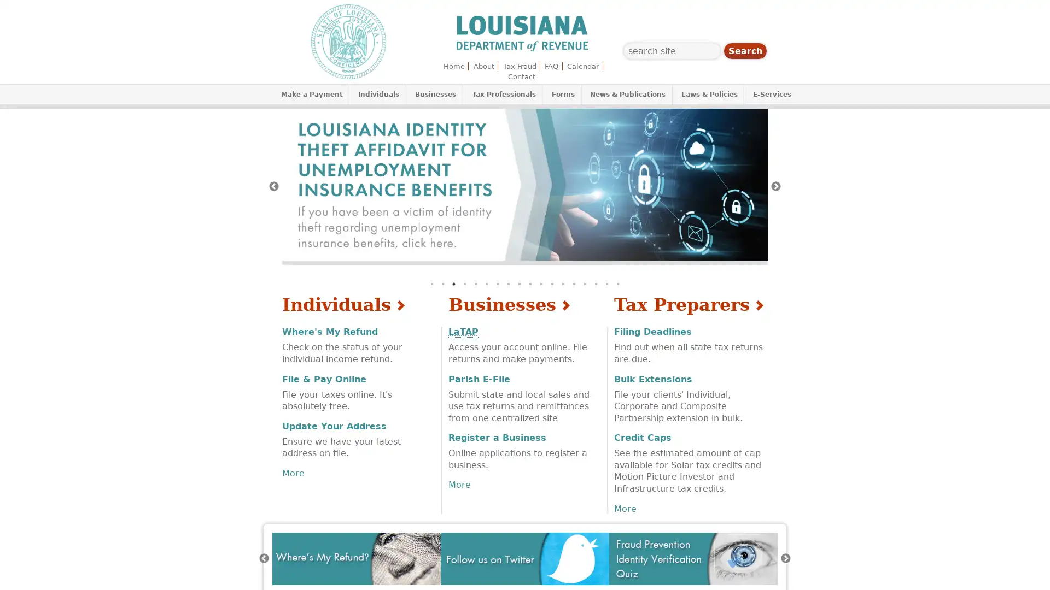 Image resolution: width=1050 pixels, height=590 pixels. I want to click on 3, so click(454, 284).